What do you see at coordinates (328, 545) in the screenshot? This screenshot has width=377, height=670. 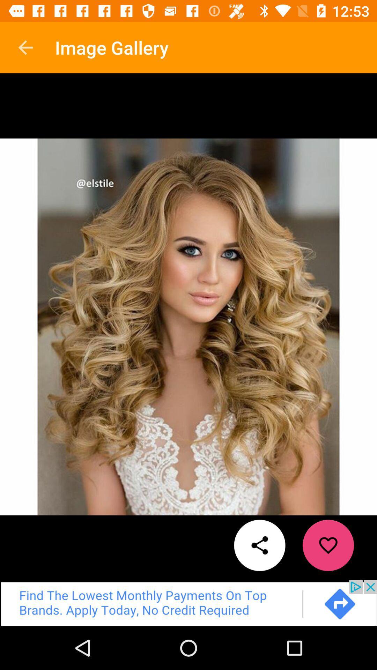 I see `the favorite icon` at bounding box center [328, 545].